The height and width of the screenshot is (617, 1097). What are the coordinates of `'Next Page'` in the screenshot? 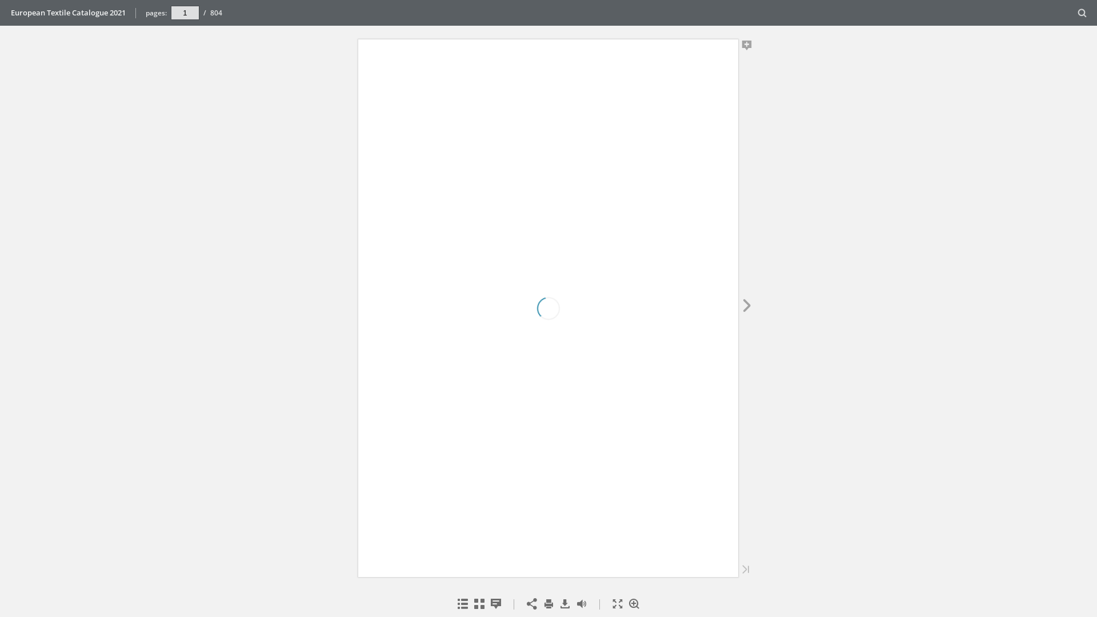 It's located at (747, 306).